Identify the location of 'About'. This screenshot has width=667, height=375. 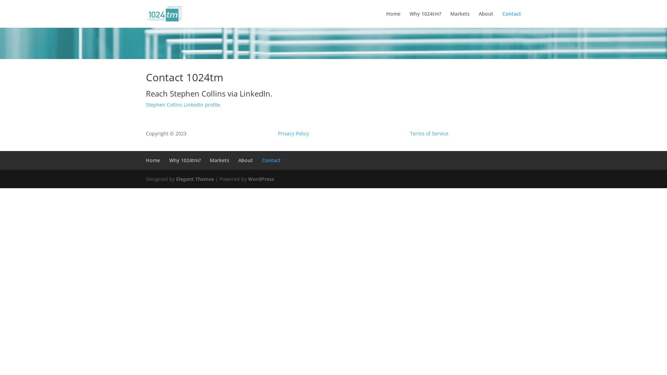
(238, 160).